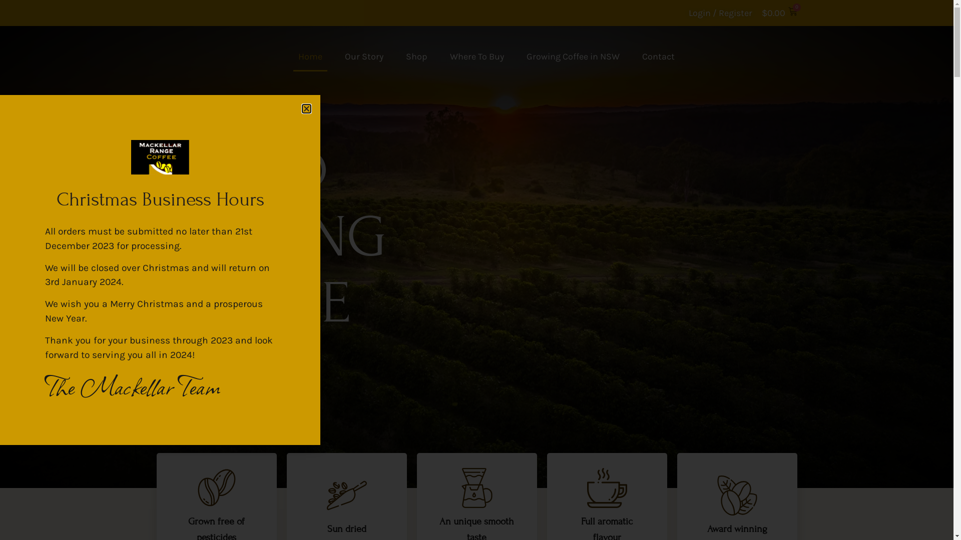  Describe the element at coordinates (761, 13) in the screenshot. I see `'$0.00` at that location.